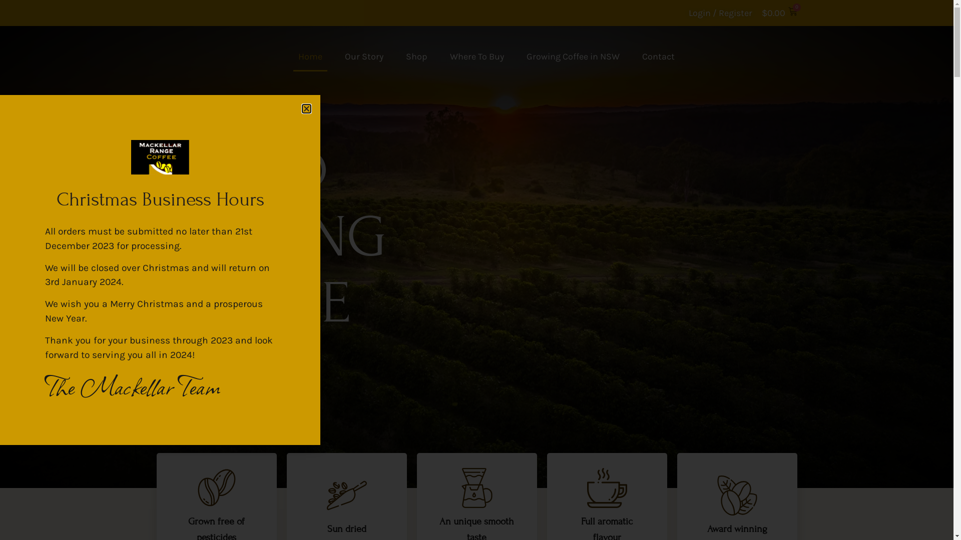  Describe the element at coordinates (761, 13) in the screenshot. I see `'$0.00` at that location.